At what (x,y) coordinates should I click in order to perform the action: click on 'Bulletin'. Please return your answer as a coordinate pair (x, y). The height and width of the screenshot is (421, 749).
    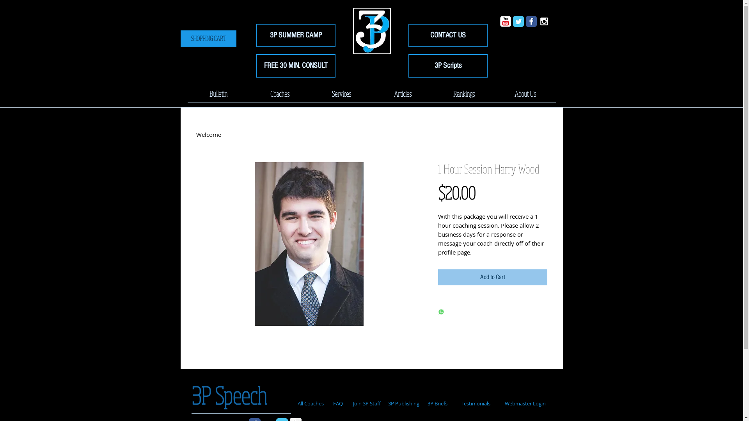
    Looking at the image, I should click on (218, 96).